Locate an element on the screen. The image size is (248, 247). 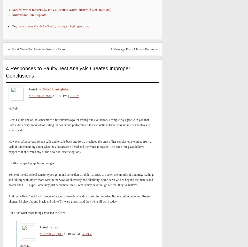
'Antioxidant Filter Update' is located at coordinates (29, 15).